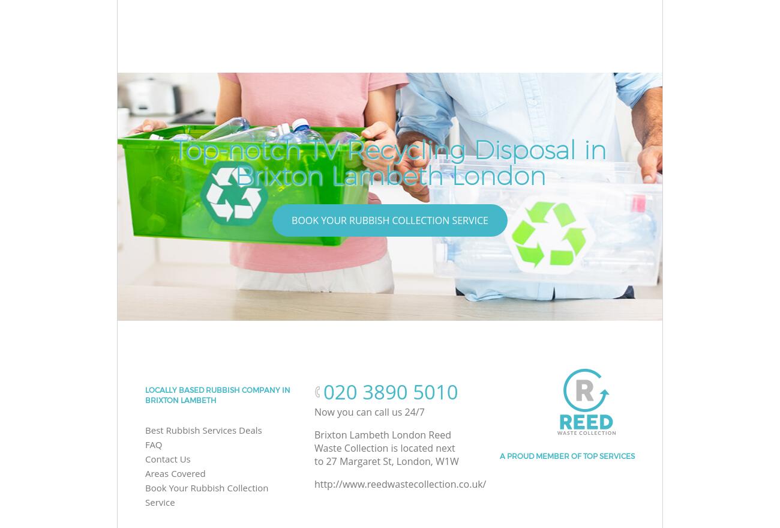 Image resolution: width=780 pixels, height=528 pixels. What do you see at coordinates (391, 461) in the screenshot?
I see `'27 Margaret St, London, W1W'` at bounding box center [391, 461].